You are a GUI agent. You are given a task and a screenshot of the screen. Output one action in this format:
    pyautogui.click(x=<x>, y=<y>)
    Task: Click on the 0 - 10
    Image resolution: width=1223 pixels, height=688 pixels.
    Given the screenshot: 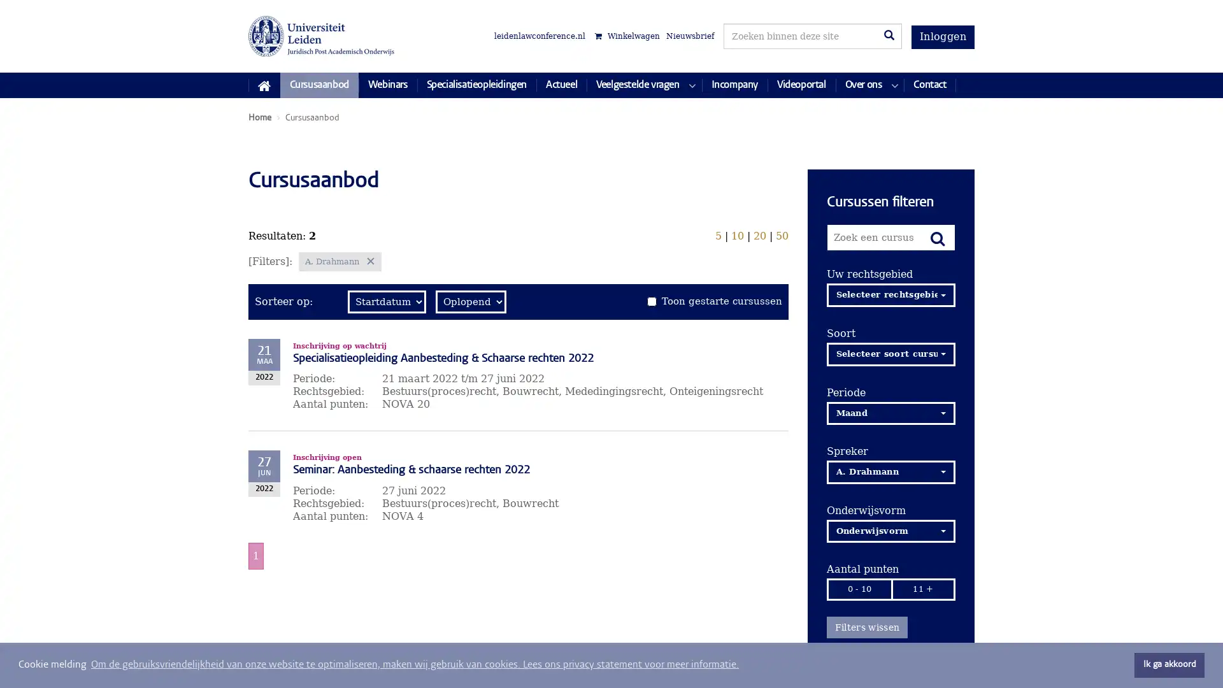 What is the action you would take?
    pyautogui.click(x=859, y=589)
    